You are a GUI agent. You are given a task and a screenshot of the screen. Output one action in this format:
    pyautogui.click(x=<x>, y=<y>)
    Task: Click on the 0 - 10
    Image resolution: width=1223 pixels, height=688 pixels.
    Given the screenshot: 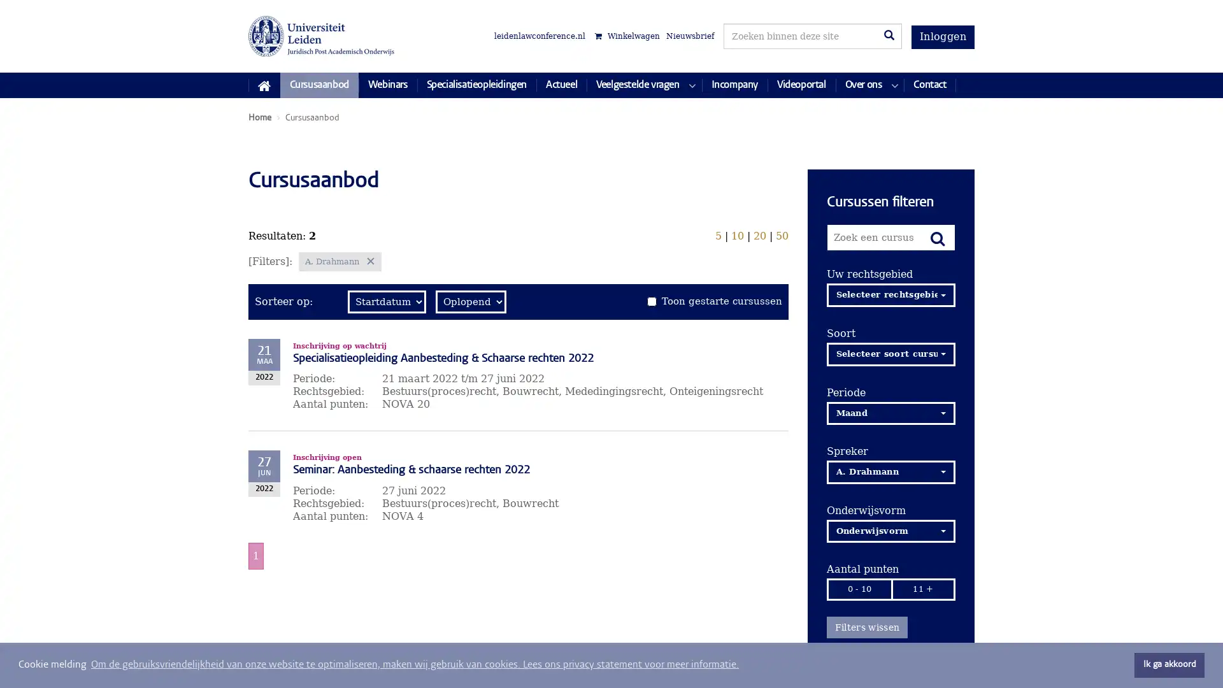 What is the action you would take?
    pyautogui.click(x=859, y=589)
    